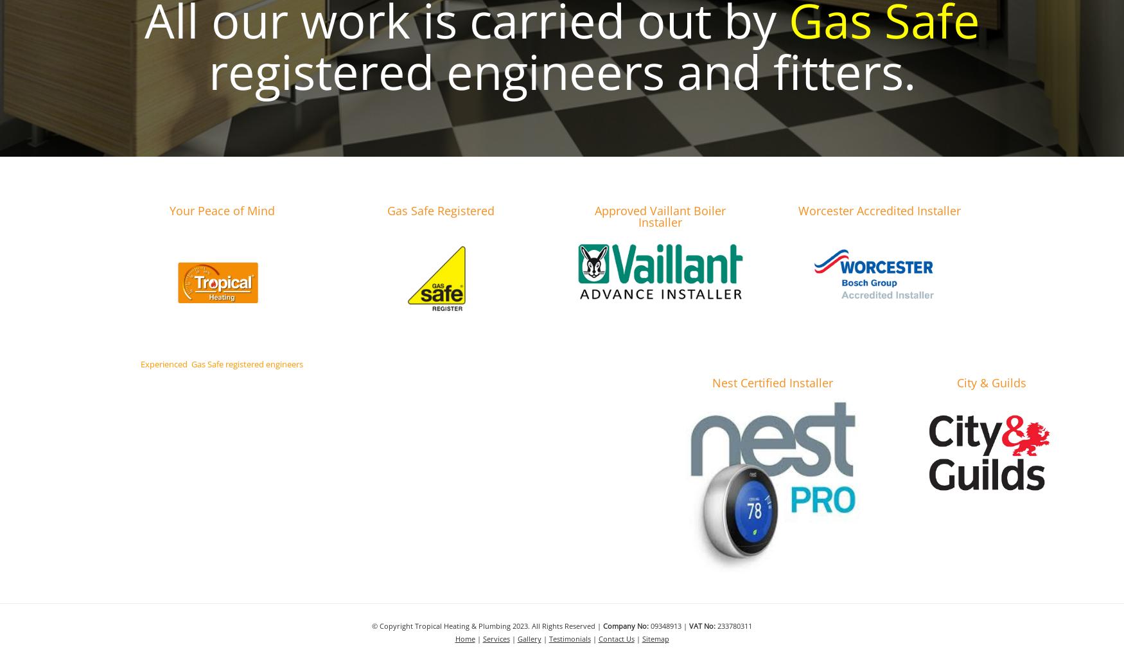 The image size is (1124, 668). Describe the element at coordinates (486, 626) in the screenshot. I see `'© Copyright Tropical Heating & Plumbing 2023. All Rights Reserved   |'` at that location.